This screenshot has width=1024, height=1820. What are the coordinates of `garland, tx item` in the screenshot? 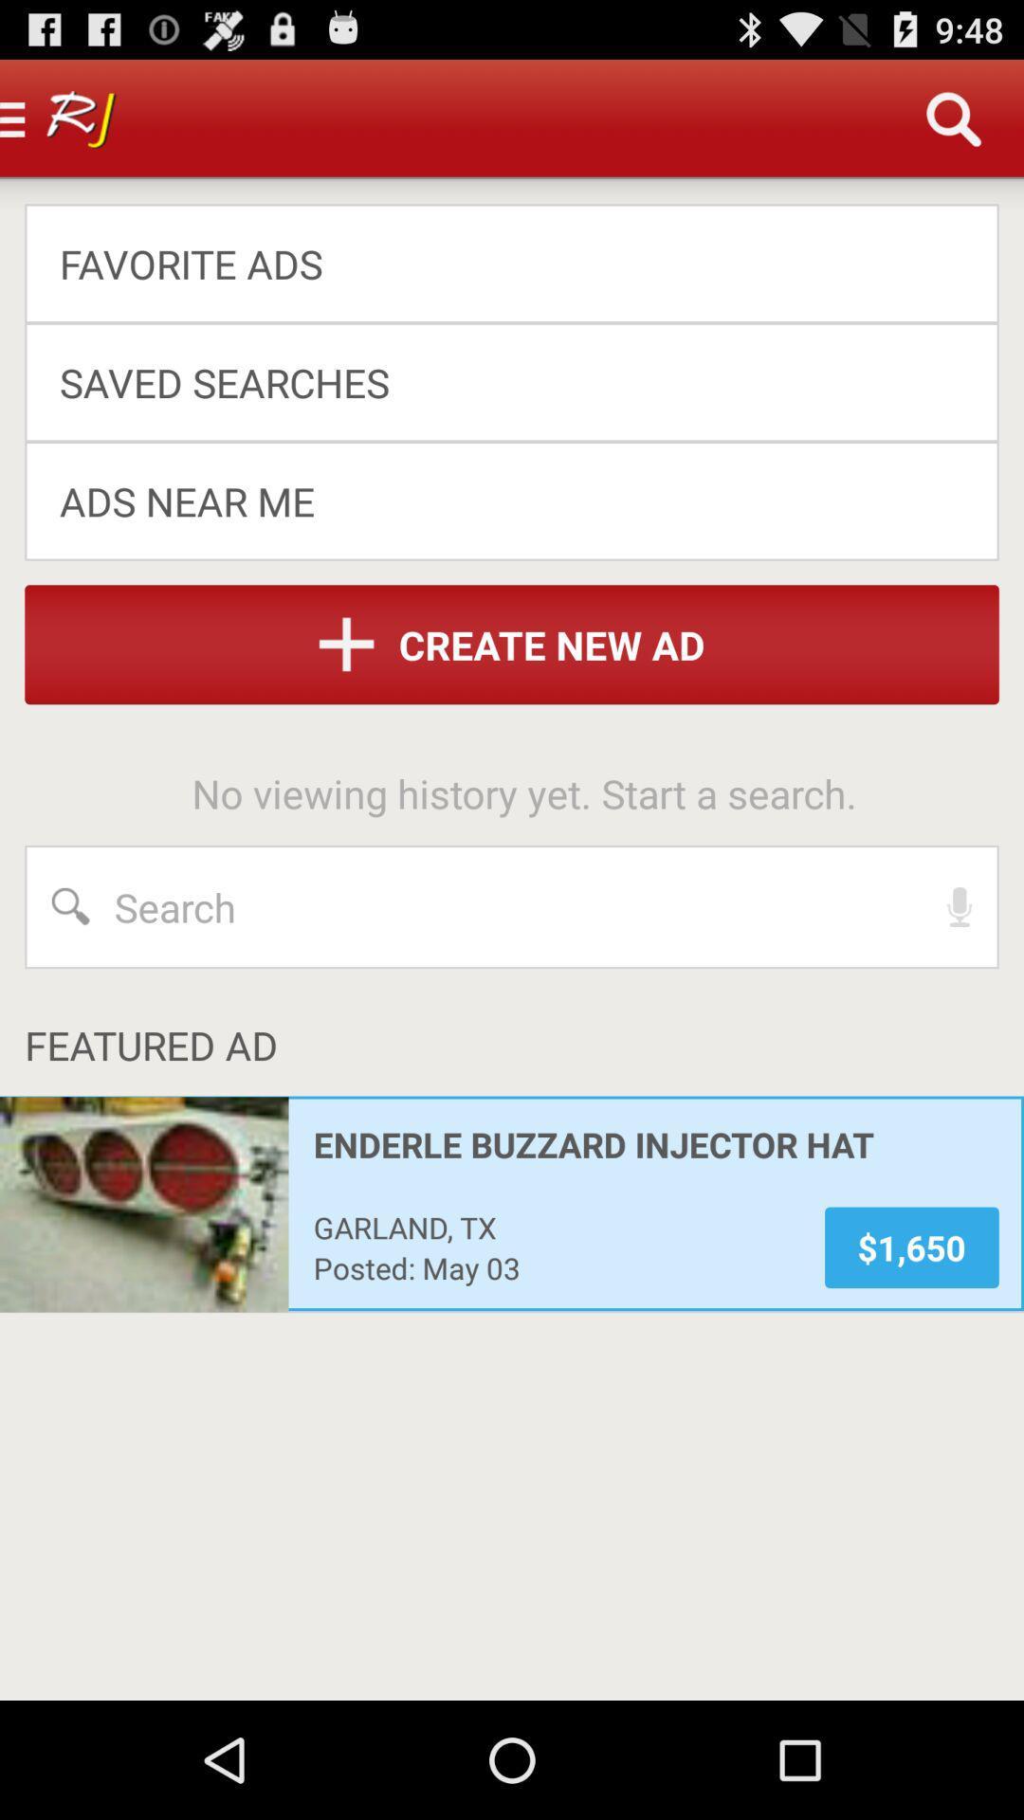 It's located at (556, 1227).